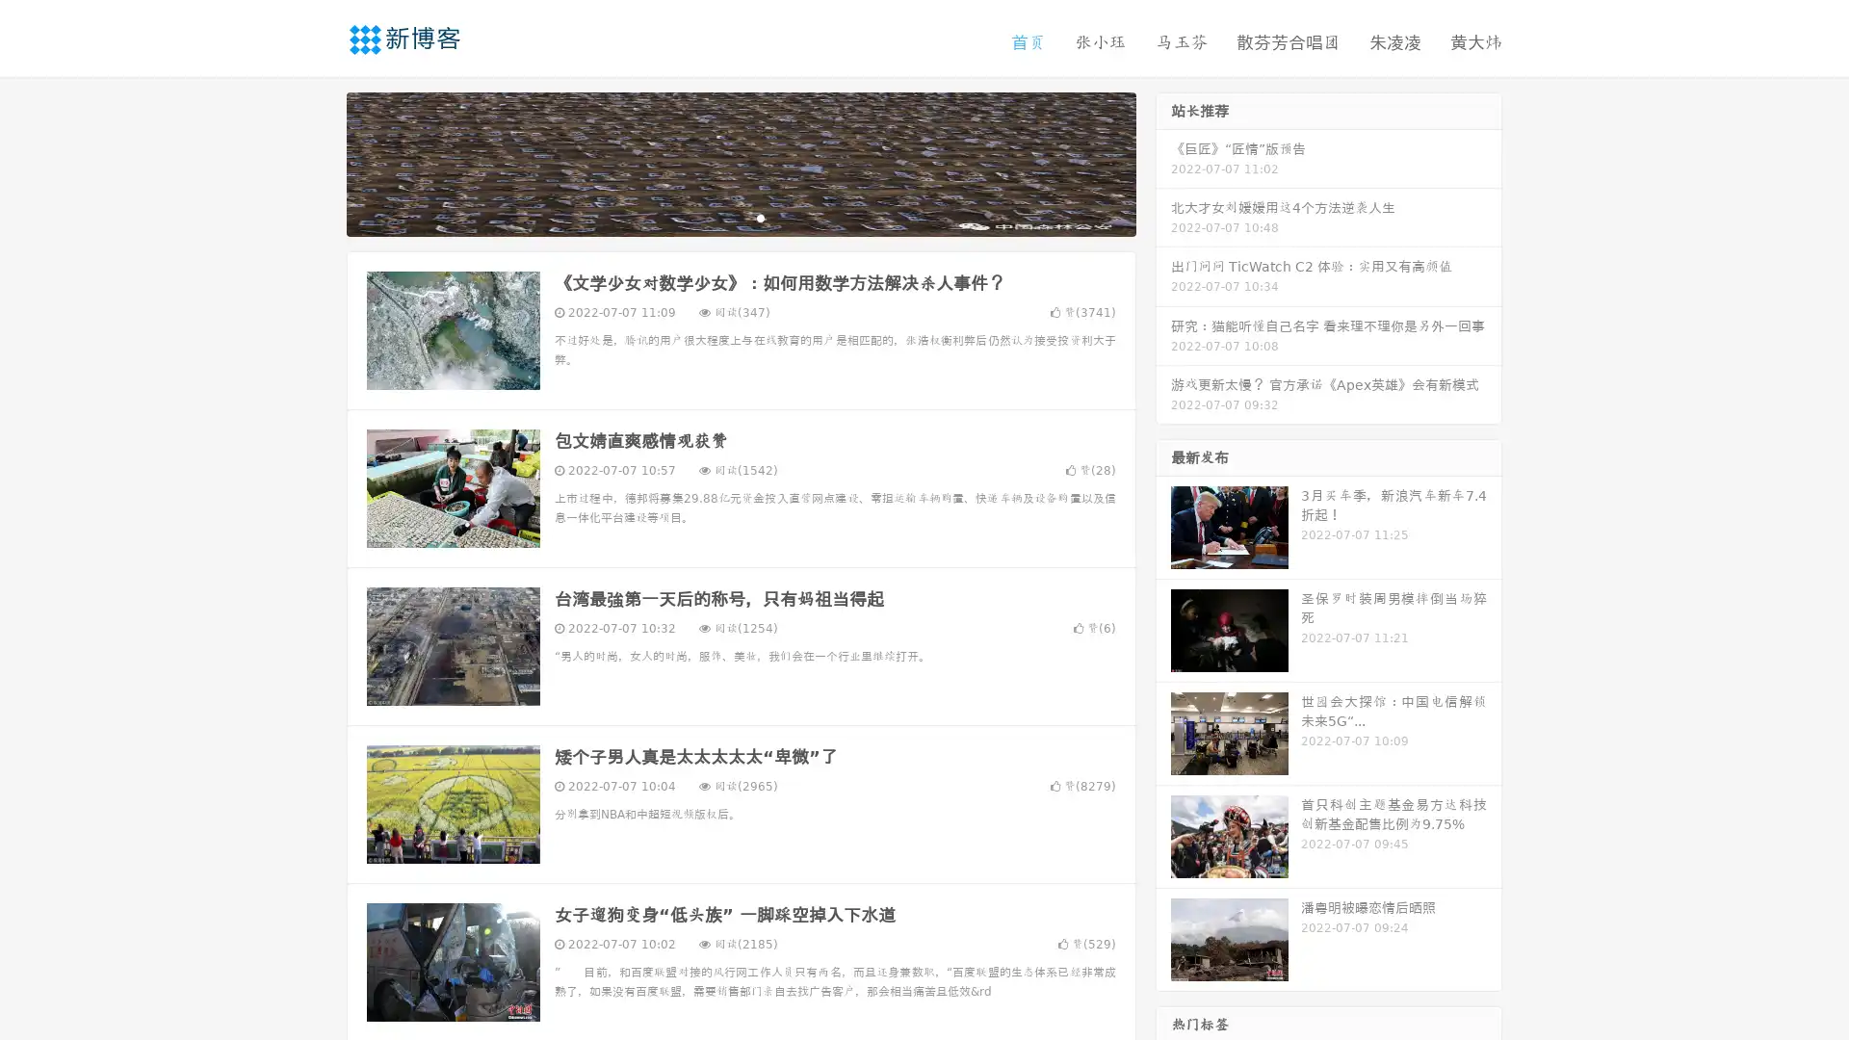 Image resolution: width=1849 pixels, height=1040 pixels. Describe the element at coordinates (760, 217) in the screenshot. I see `Go to slide 3` at that location.